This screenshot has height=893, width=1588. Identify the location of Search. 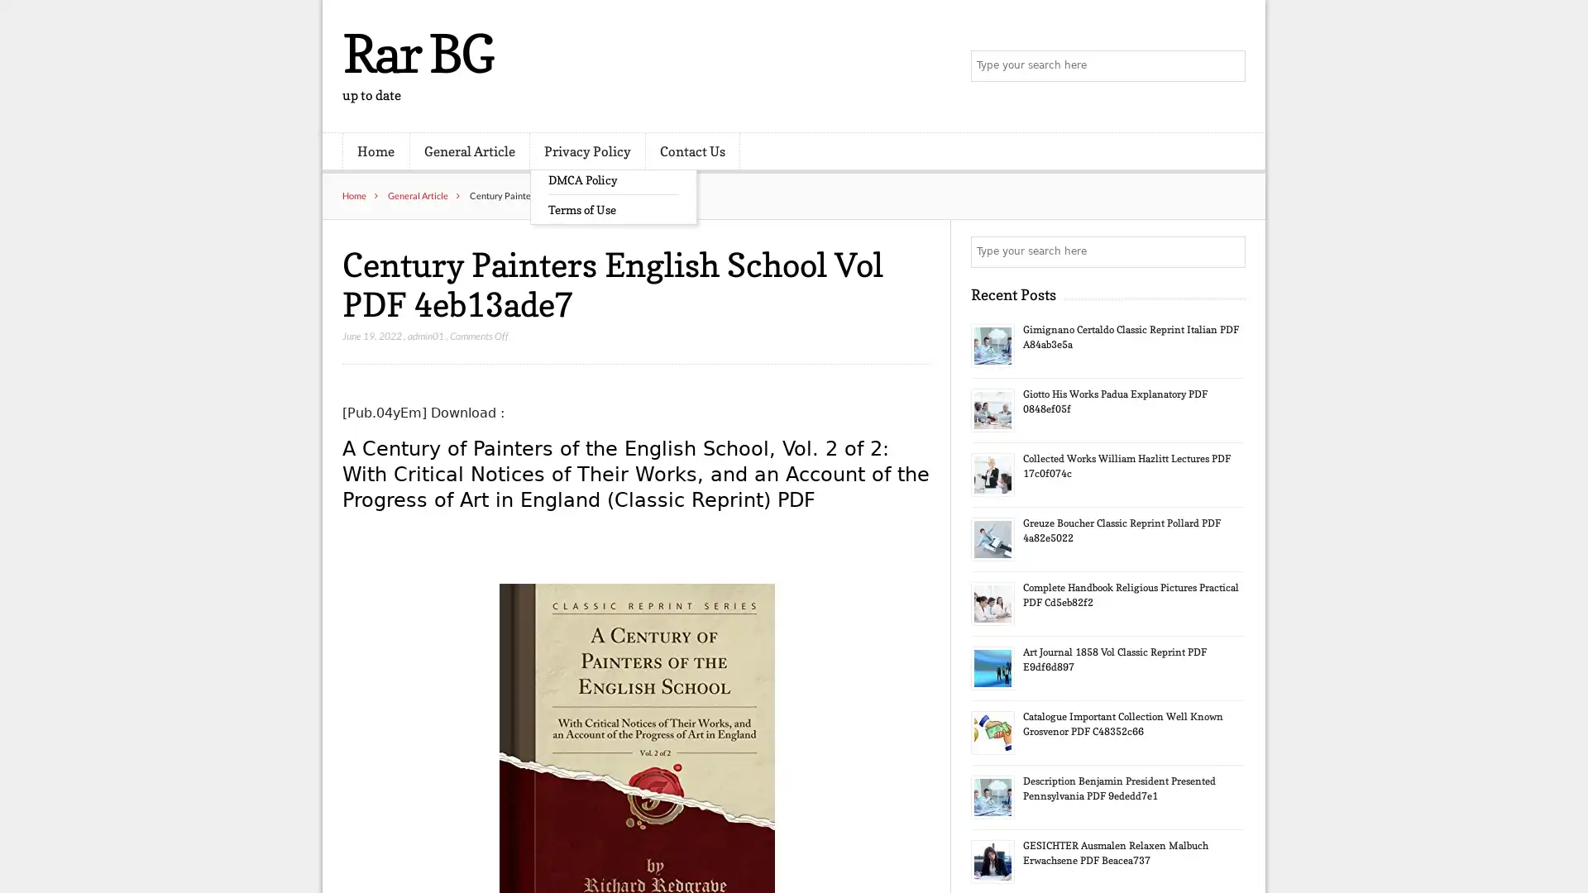
(1228, 66).